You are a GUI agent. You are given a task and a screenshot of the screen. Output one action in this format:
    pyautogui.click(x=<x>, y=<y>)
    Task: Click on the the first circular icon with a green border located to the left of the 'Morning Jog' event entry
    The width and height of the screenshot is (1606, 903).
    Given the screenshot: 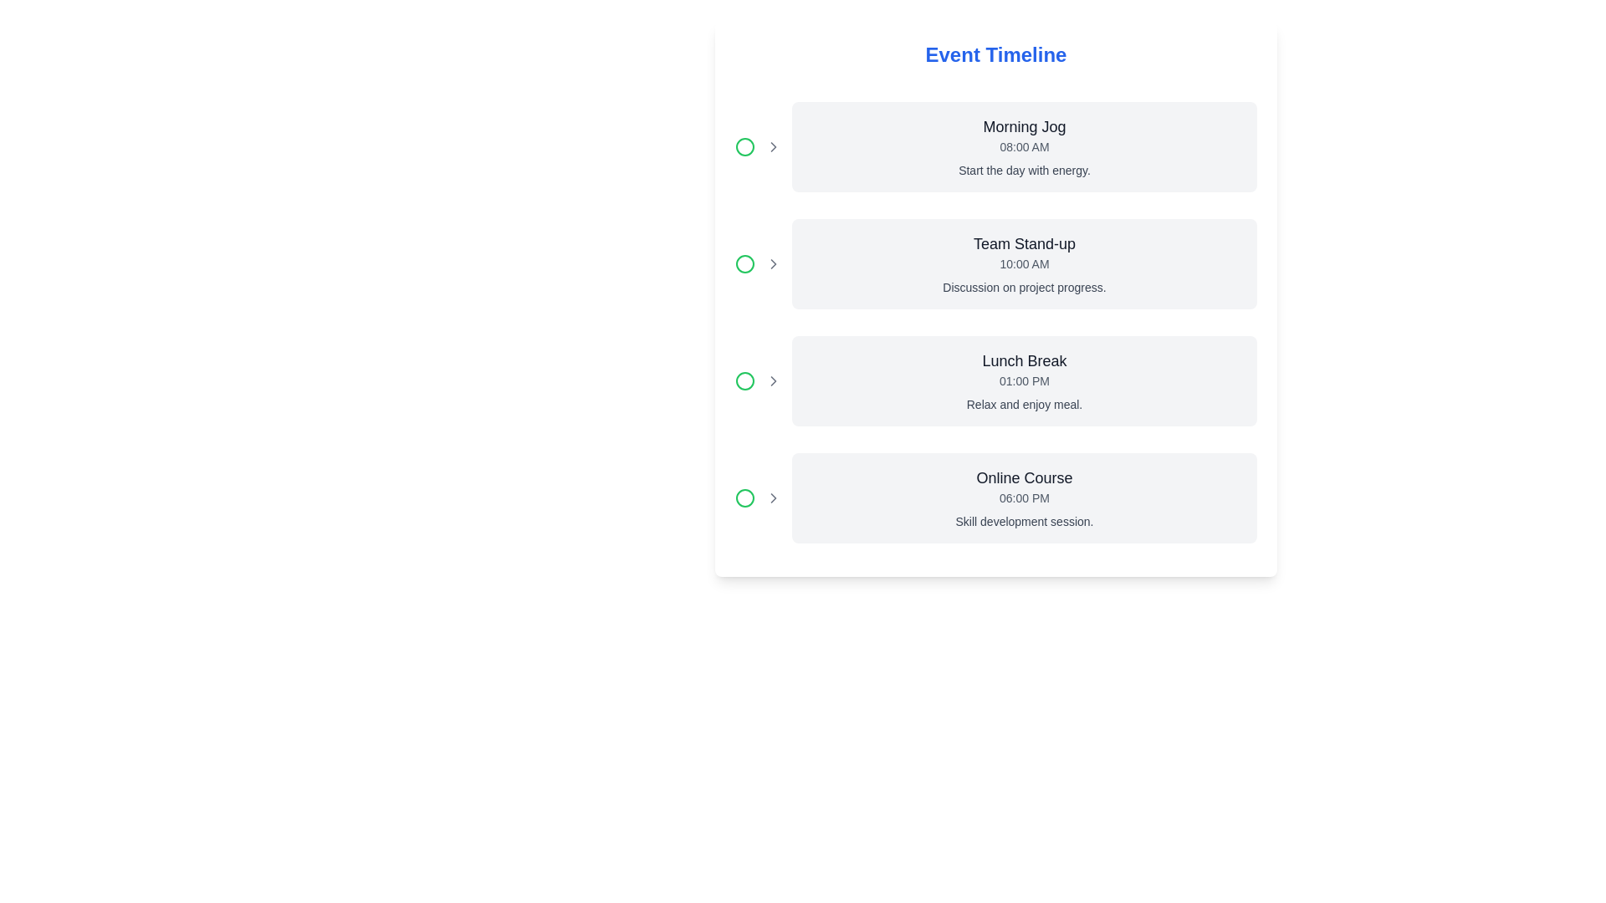 What is the action you would take?
    pyautogui.click(x=744, y=146)
    